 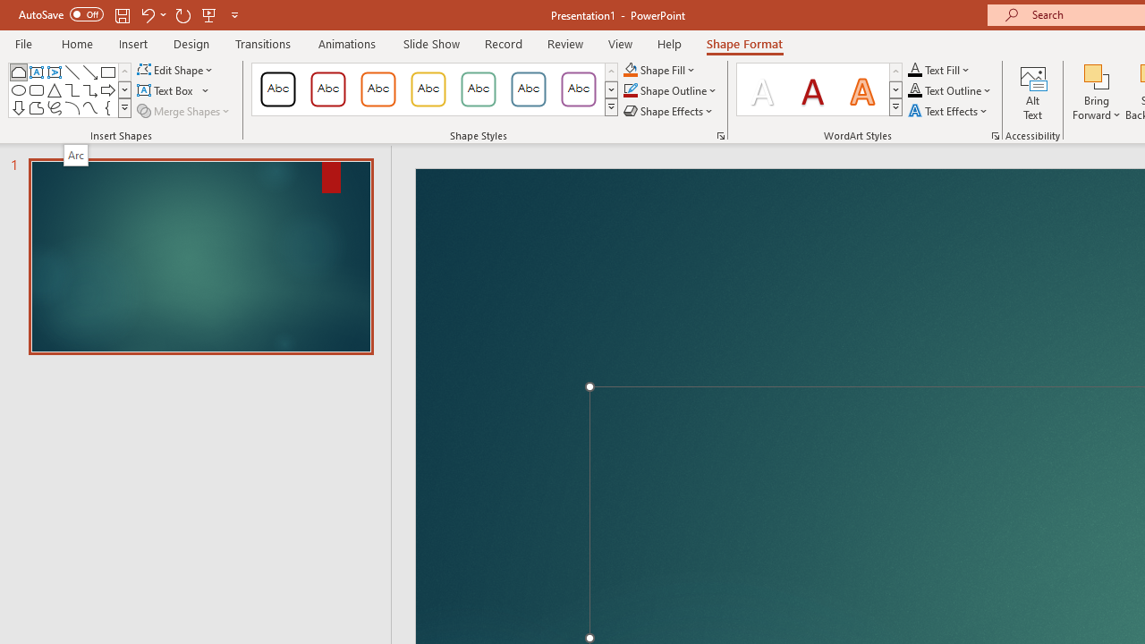 I want to click on 'Fill: White, Text color 1; Shadow', so click(x=763, y=89).